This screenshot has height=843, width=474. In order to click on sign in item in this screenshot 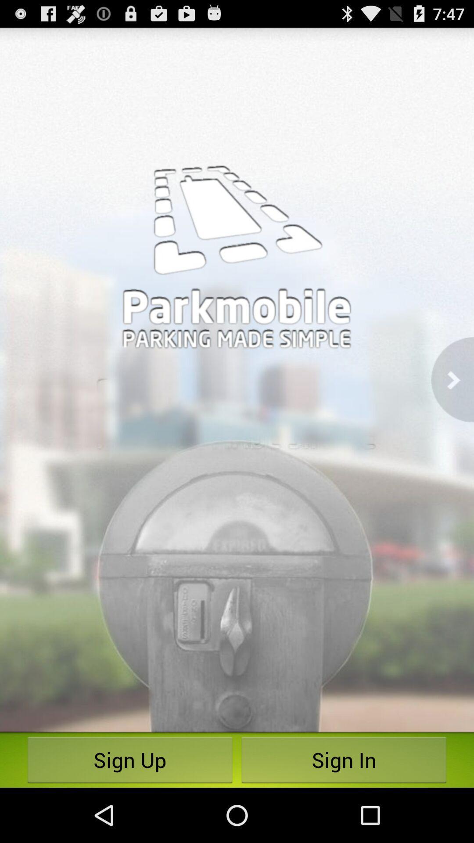, I will do `click(343, 760)`.